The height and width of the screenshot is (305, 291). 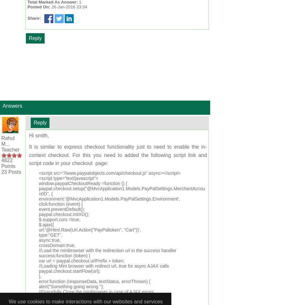 What do you see at coordinates (38, 183) in the screenshot?
I see `'window.paypalCheckoutReady =function () {'` at bounding box center [38, 183].